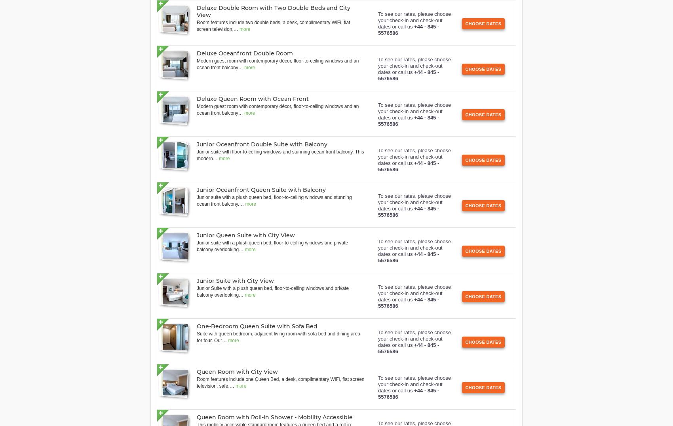 This screenshot has height=426, width=673. What do you see at coordinates (278, 337) in the screenshot?
I see `'Suite with queen bedroom, adjacent living room with sofa bed and dining area for four. Our'` at bounding box center [278, 337].